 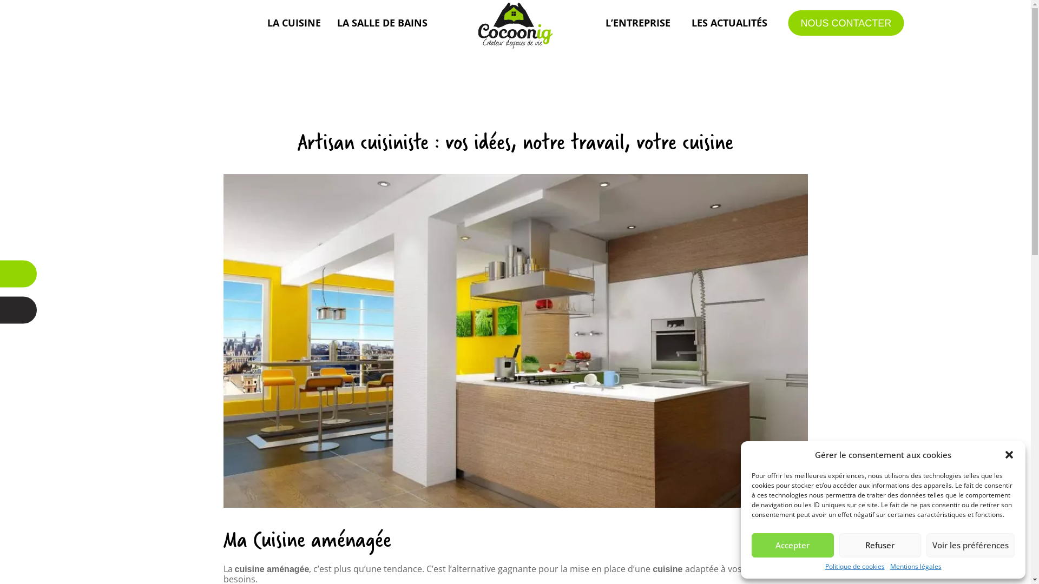 What do you see at coordinates (854, 566) in the screenshot?
I see `'Politique de cookies'` at bounding box center [854, 566].